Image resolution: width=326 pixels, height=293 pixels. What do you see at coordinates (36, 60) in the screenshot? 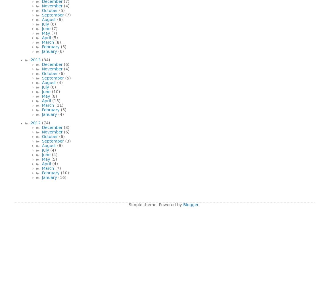
I see `'2013'` at bounding box center [36, 60].